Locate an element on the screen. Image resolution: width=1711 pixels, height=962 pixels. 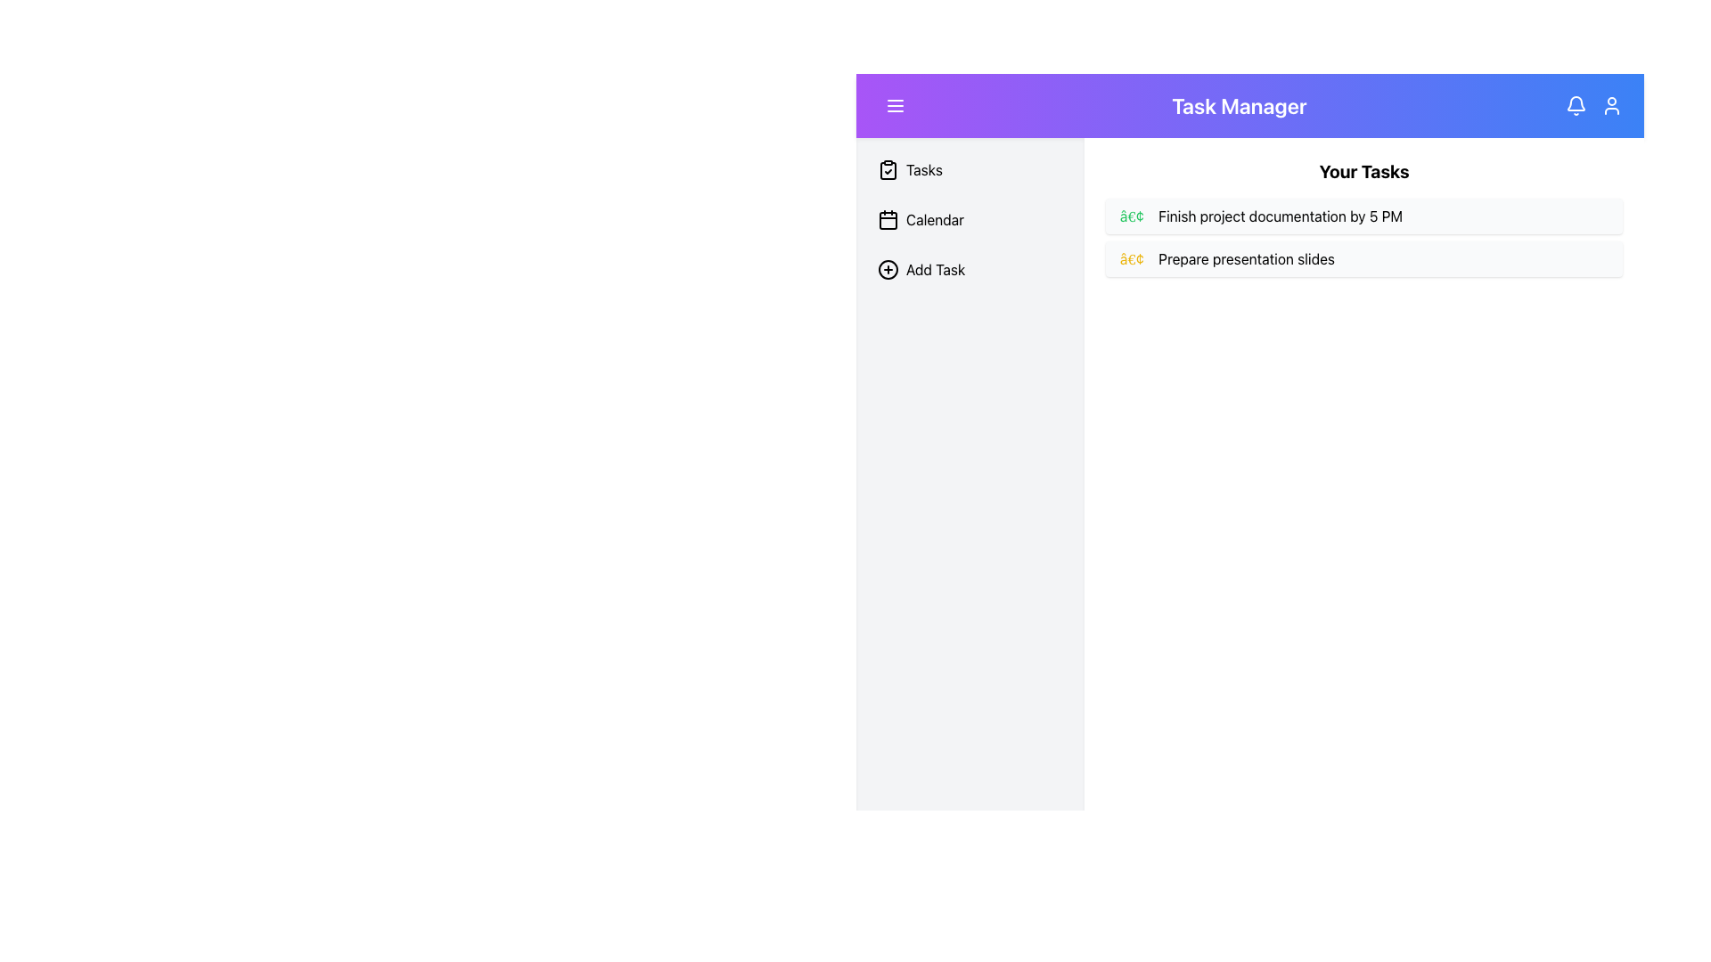
the 'Tasks' button located in the left sidebar, which has a white background, rounded edges, a clipboard icon with a checkmark, and bold black text on the right is located at coordinates (910, 170).